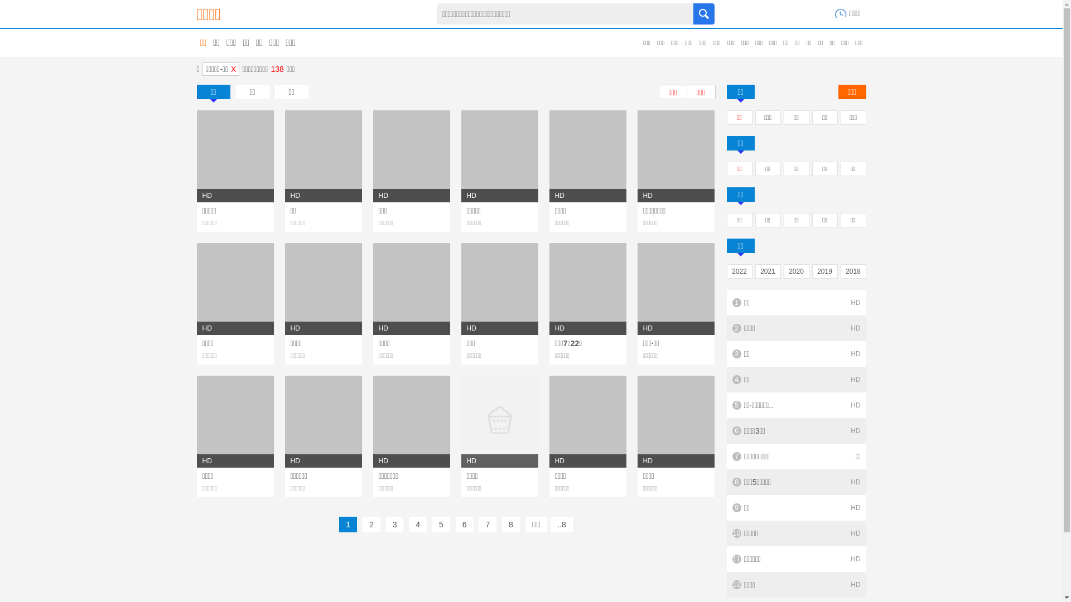 The height and width of the screenshot is (602, 1071). I want to click on '2018', so click(841, 271).